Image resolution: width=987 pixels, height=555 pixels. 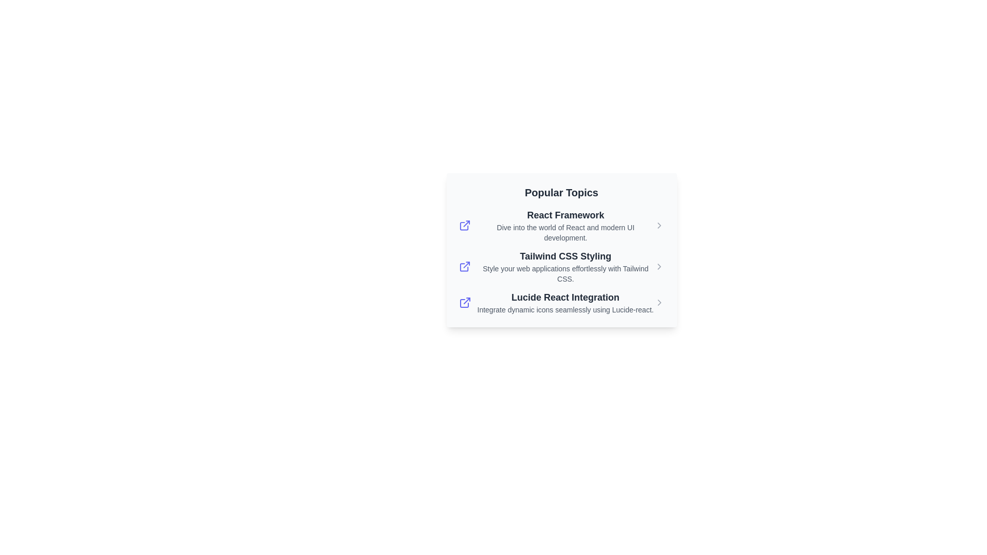 I want to click on the bold text link 'Lucide React Integration', so click(x=565, y=297).